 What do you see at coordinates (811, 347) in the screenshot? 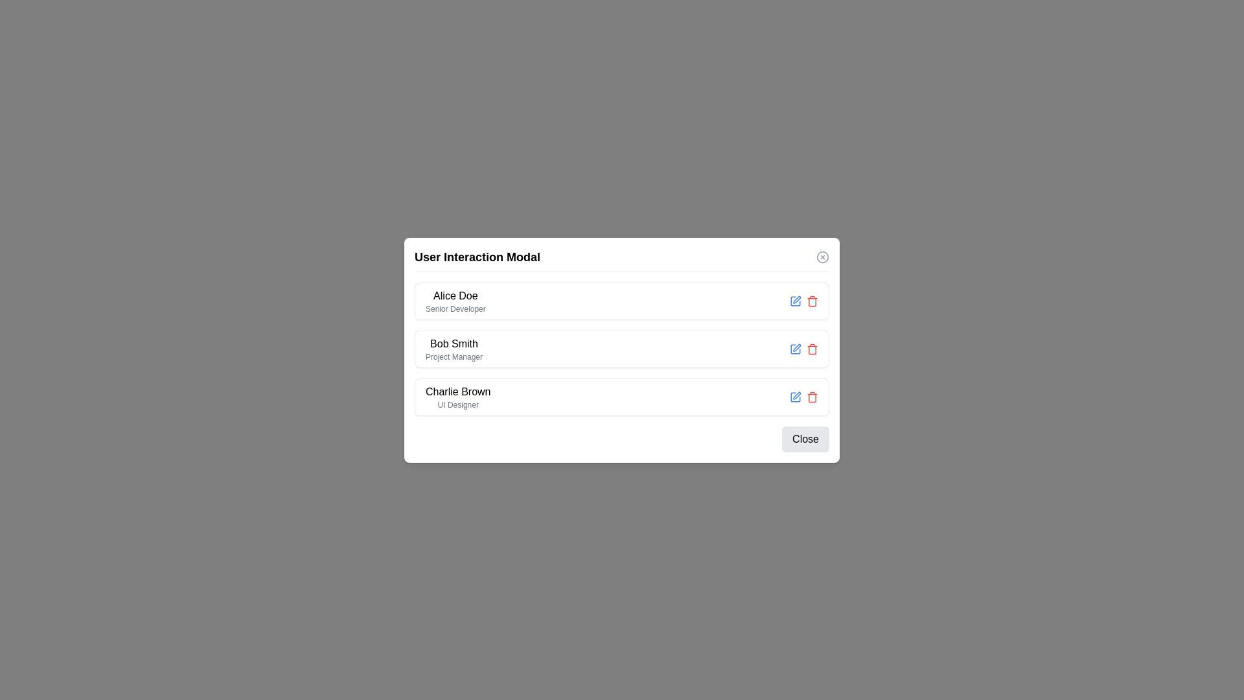
I see `the small red trash bin icon located on the right side of the row associated with user 'Bob Smith'` at bounding box center [811, 347].